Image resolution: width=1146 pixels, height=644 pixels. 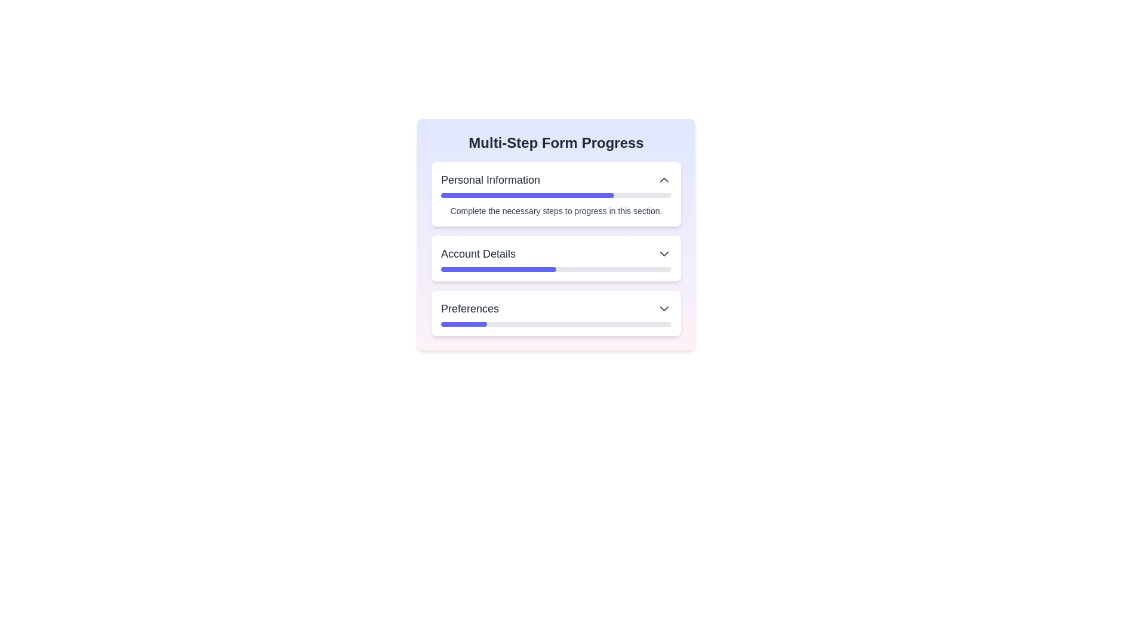 What do you see at coordinates (555, 194) in the screenshot?
I see `the Progress bar indicating the user's progress in completing the 'Personal Information' section of the form` at bounding box center [555, 194].